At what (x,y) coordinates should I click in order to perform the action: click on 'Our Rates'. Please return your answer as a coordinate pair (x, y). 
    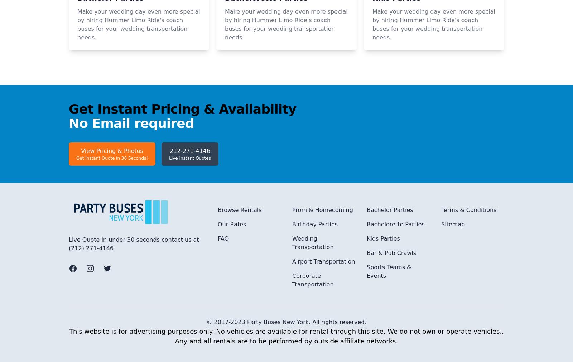
    Looking at the image, I should click on (232, 319).